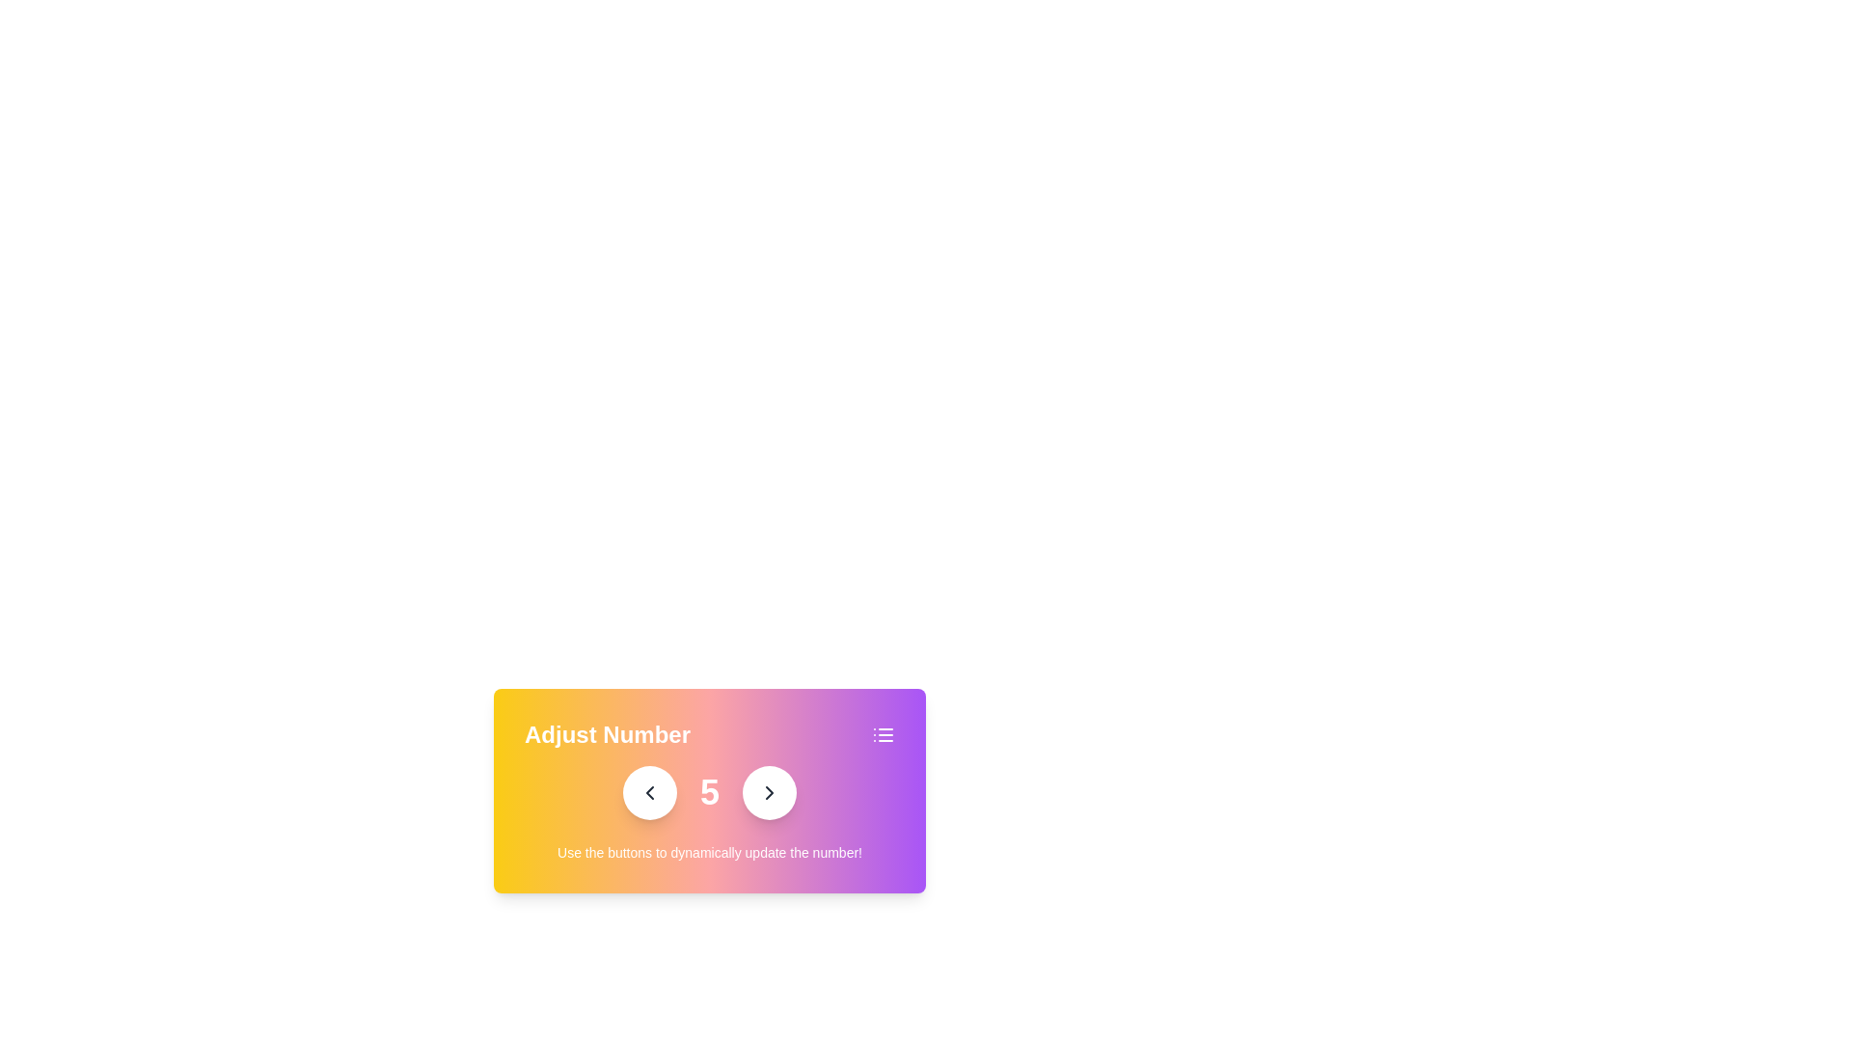 This screenshot has width=1852, height=1042. What do you see at coordinates (649, 792) in the screenshot?
I see `the decrement icon located inside the circular white button on the left-hand side of the horizontal control bar` at bounding box center [649, 792].